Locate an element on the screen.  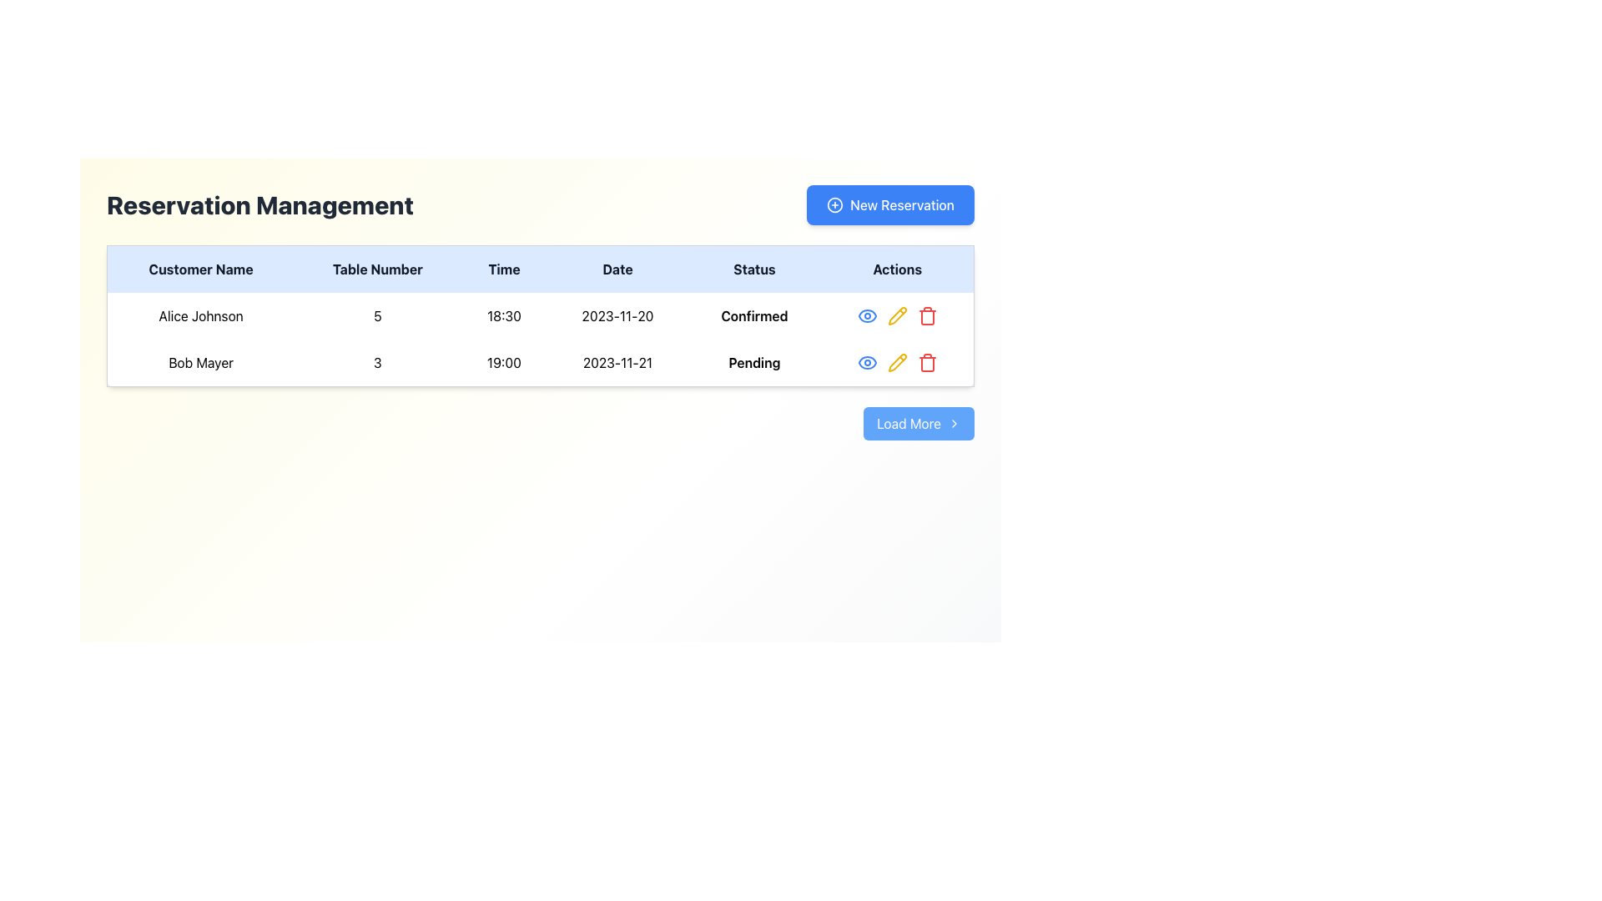
the icon within the 'New Reservation' button located in the upper-right section of the interface to initiate a new reservation is located at coordinates (835, 204).